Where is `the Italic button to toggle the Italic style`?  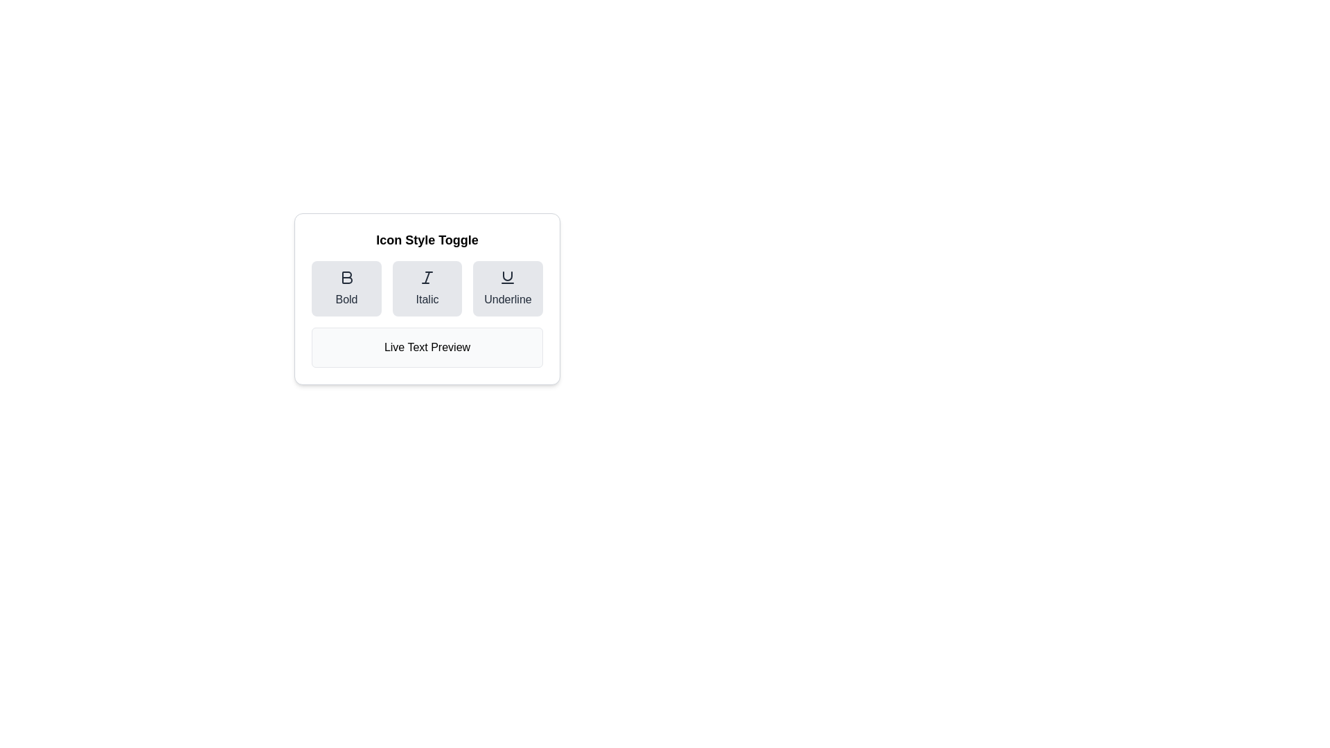 the Italic button to toggle the Italic style is located at coordinates (425, 287).